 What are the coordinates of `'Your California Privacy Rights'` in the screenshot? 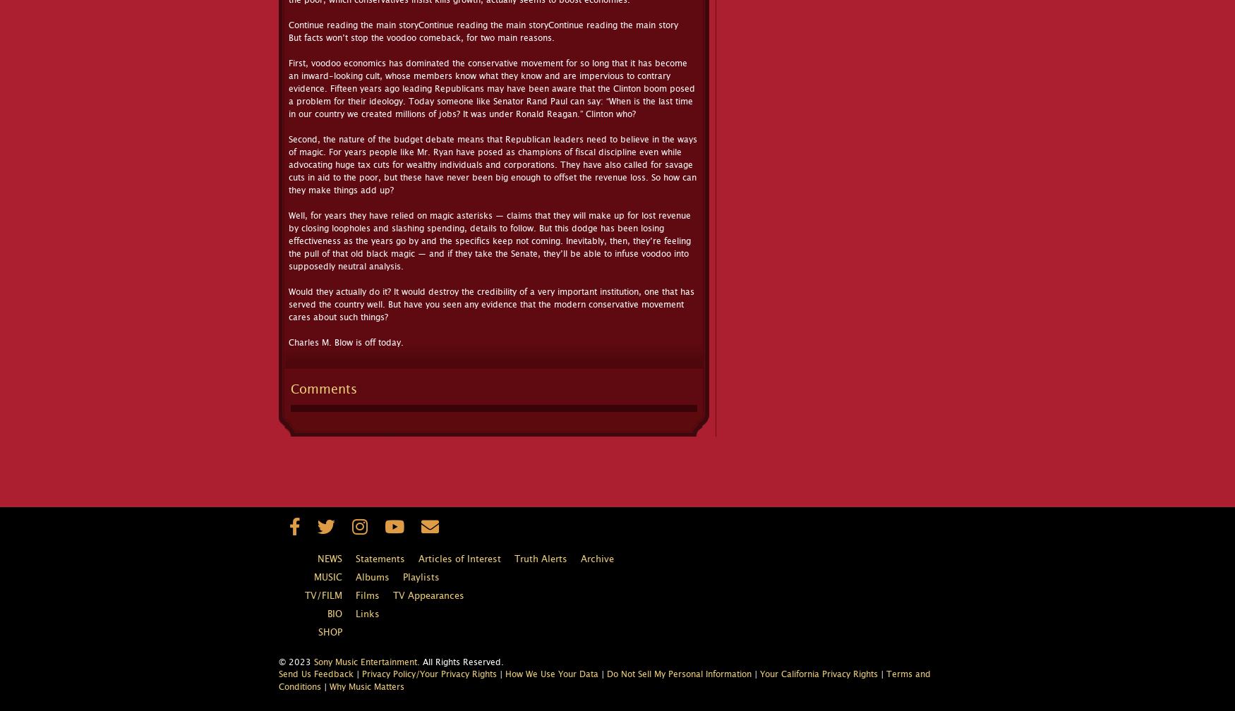 It's located at (818, 674).